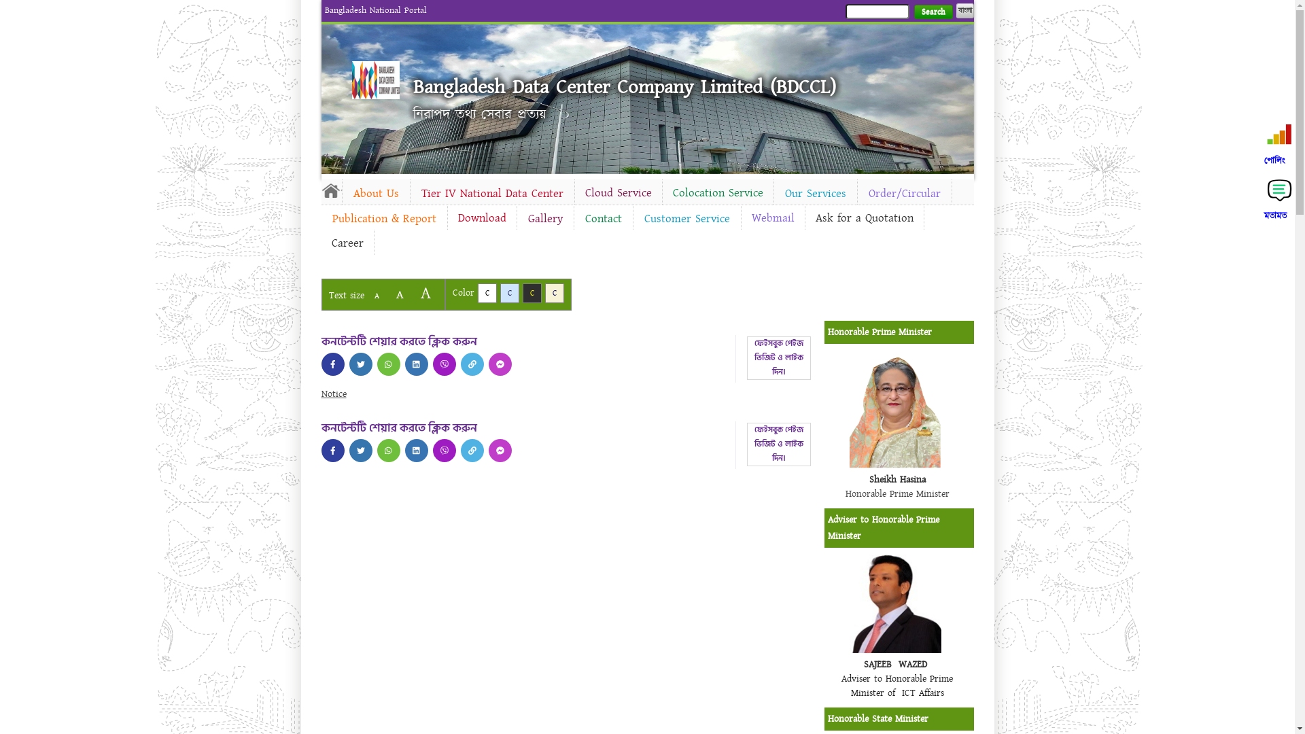 The width and height of the screenshot is (1305, 734). I want to click on 'Our Services', so click(815, 194).